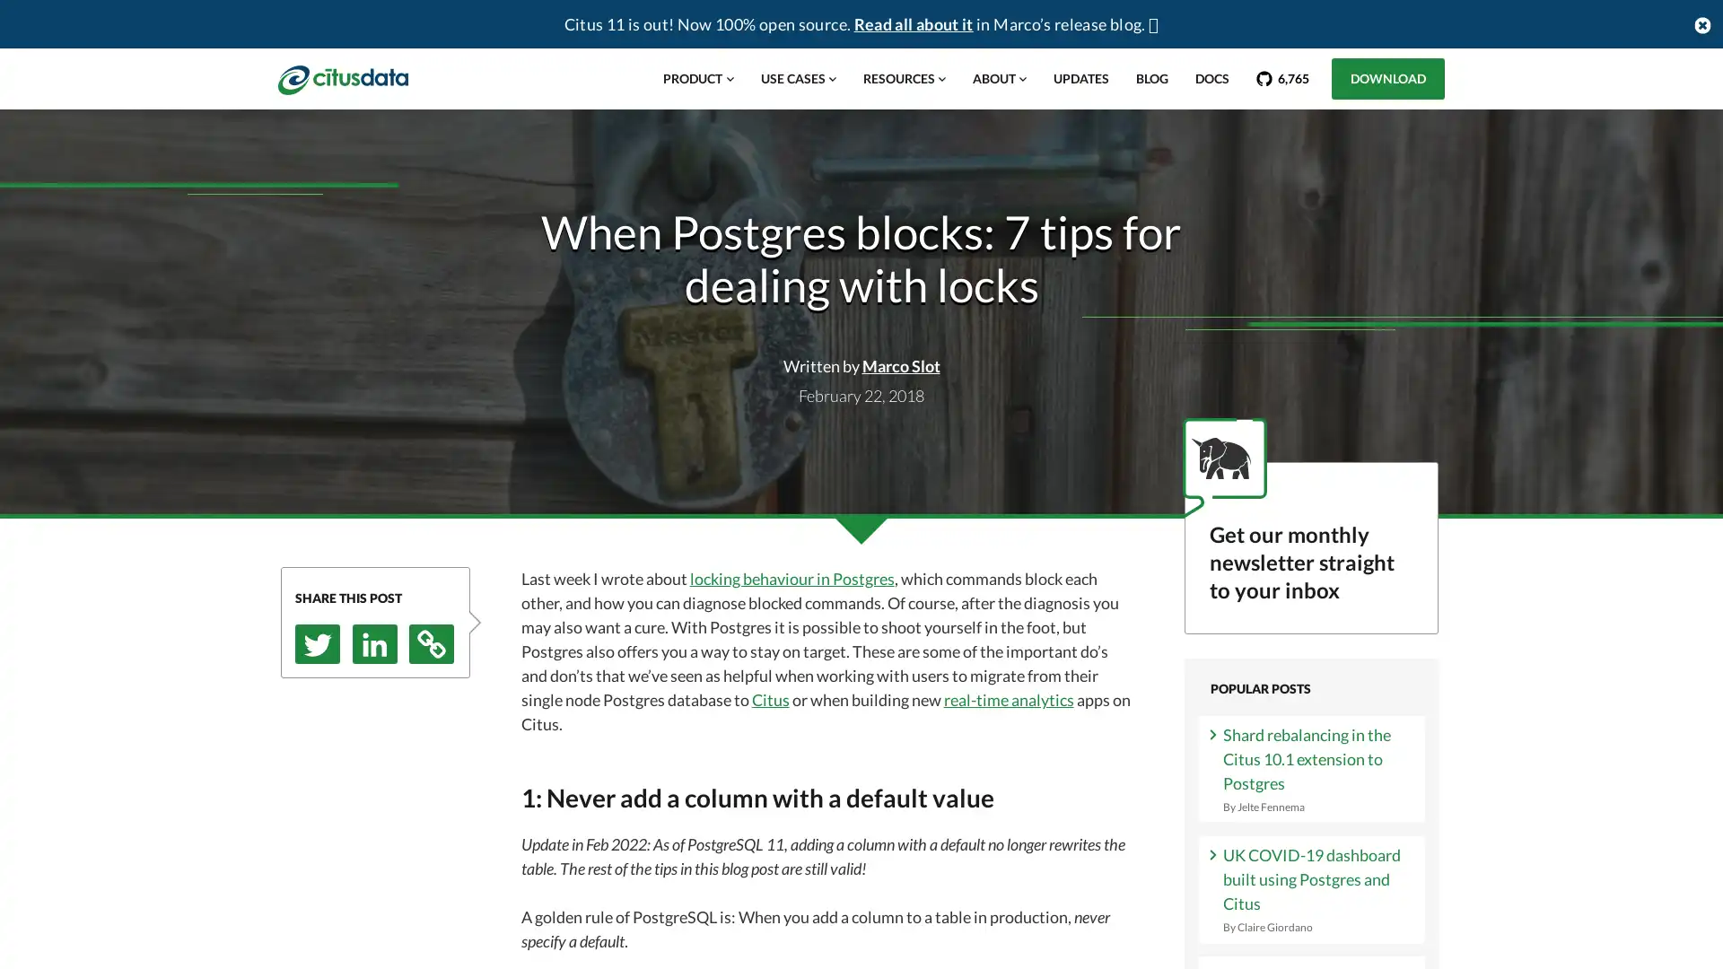  What do you see at coordinates (696, 78) in the screenshot?
I see `PRODUCT` at bounding box center [696, 78].